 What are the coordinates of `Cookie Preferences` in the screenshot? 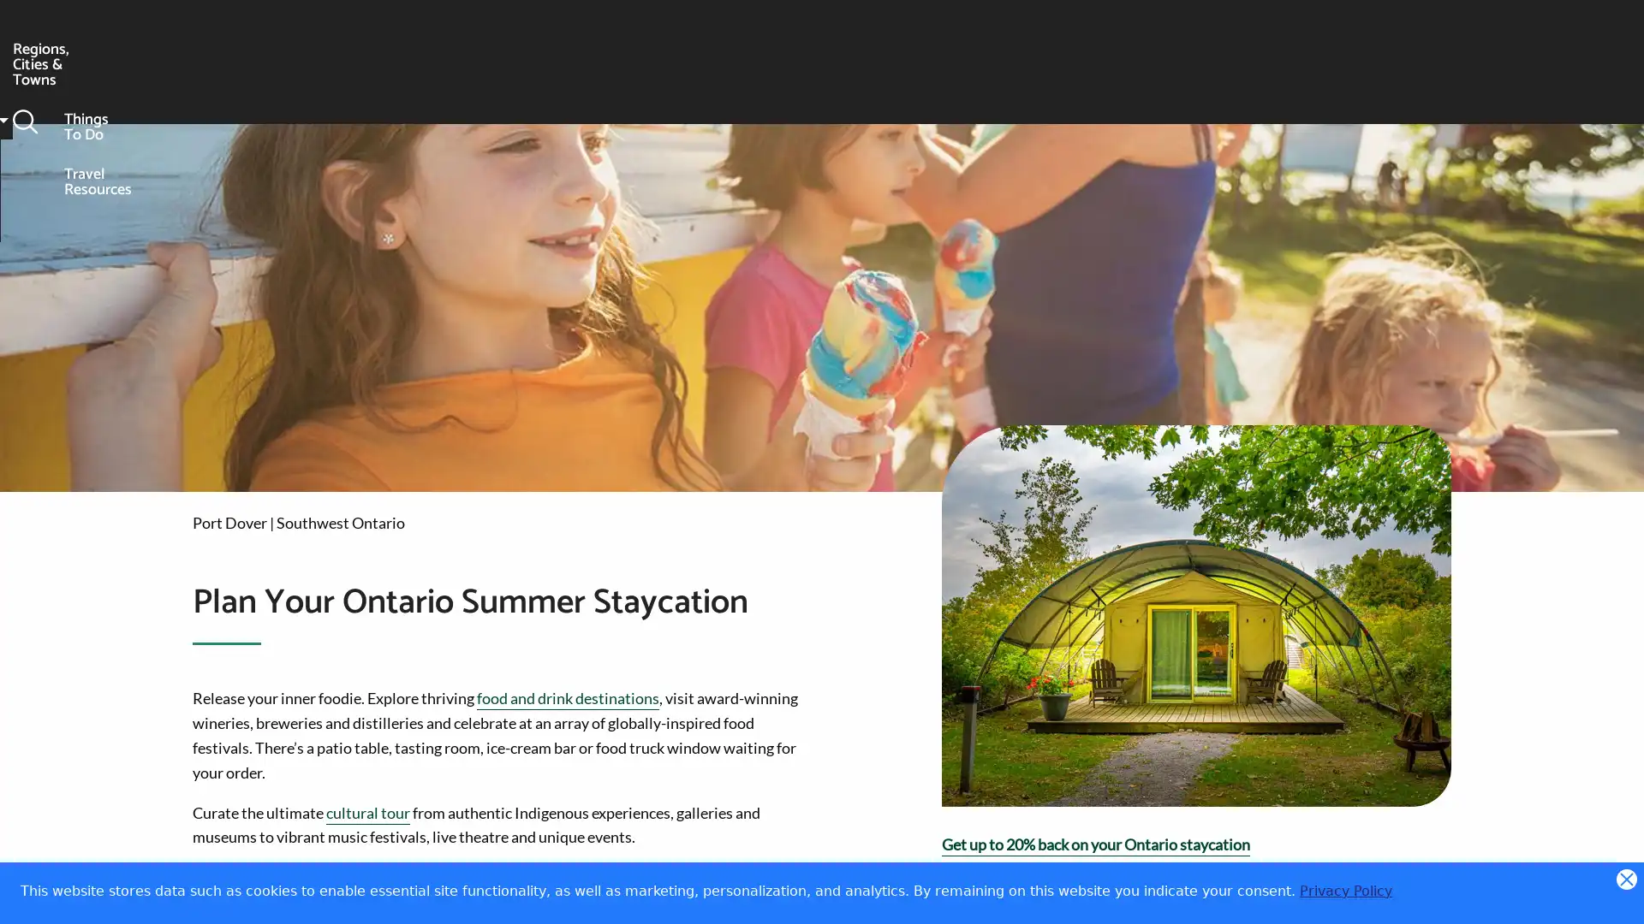 It's located at (1615, 896).